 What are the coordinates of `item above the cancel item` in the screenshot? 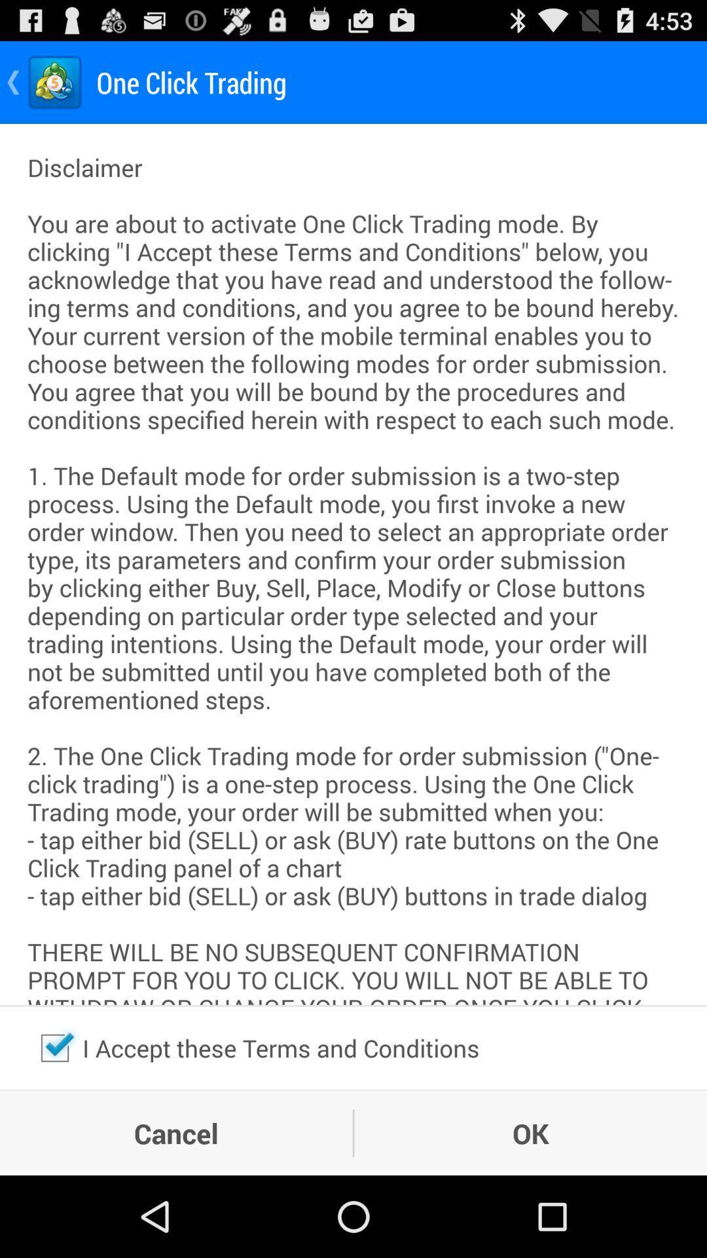 It's located at (54, 1047).